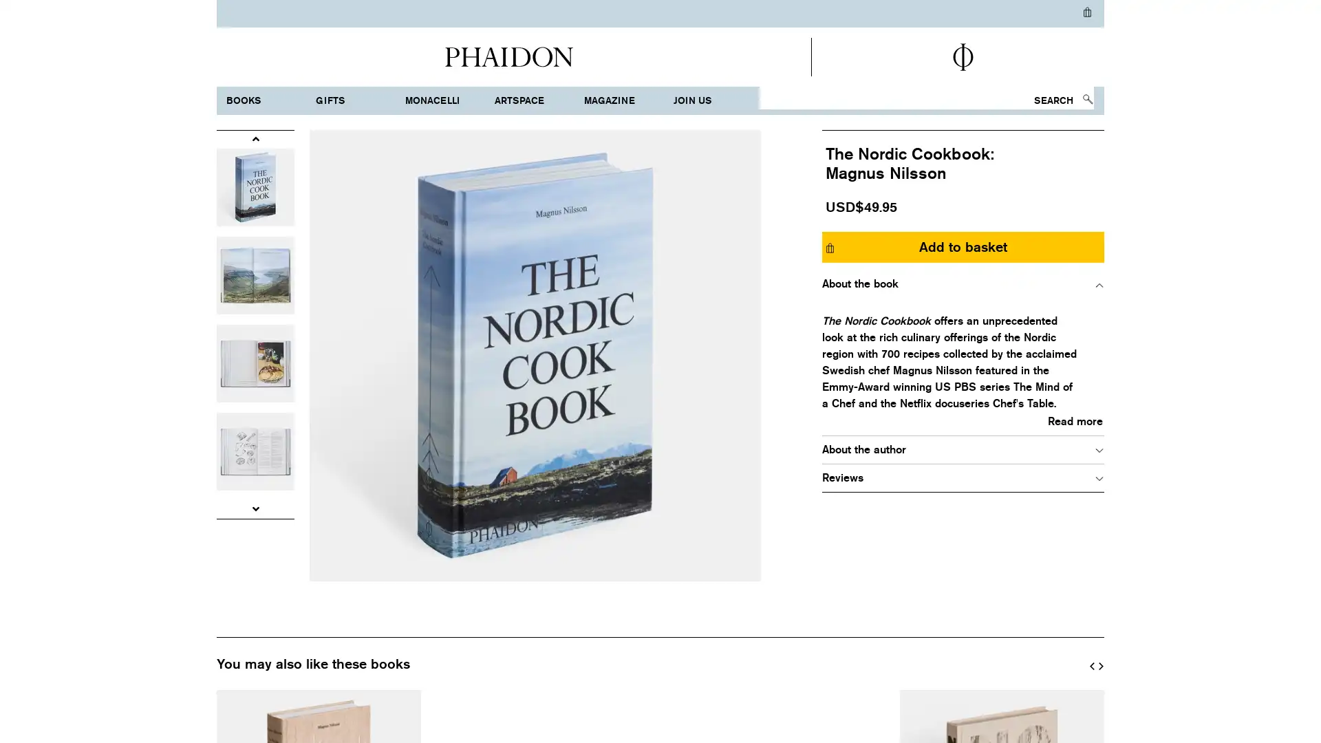 This screenshot has height=743, width=1321. Describe the element at coordinates (1092, 663) in the screenshot. I see `Previous` at that location.